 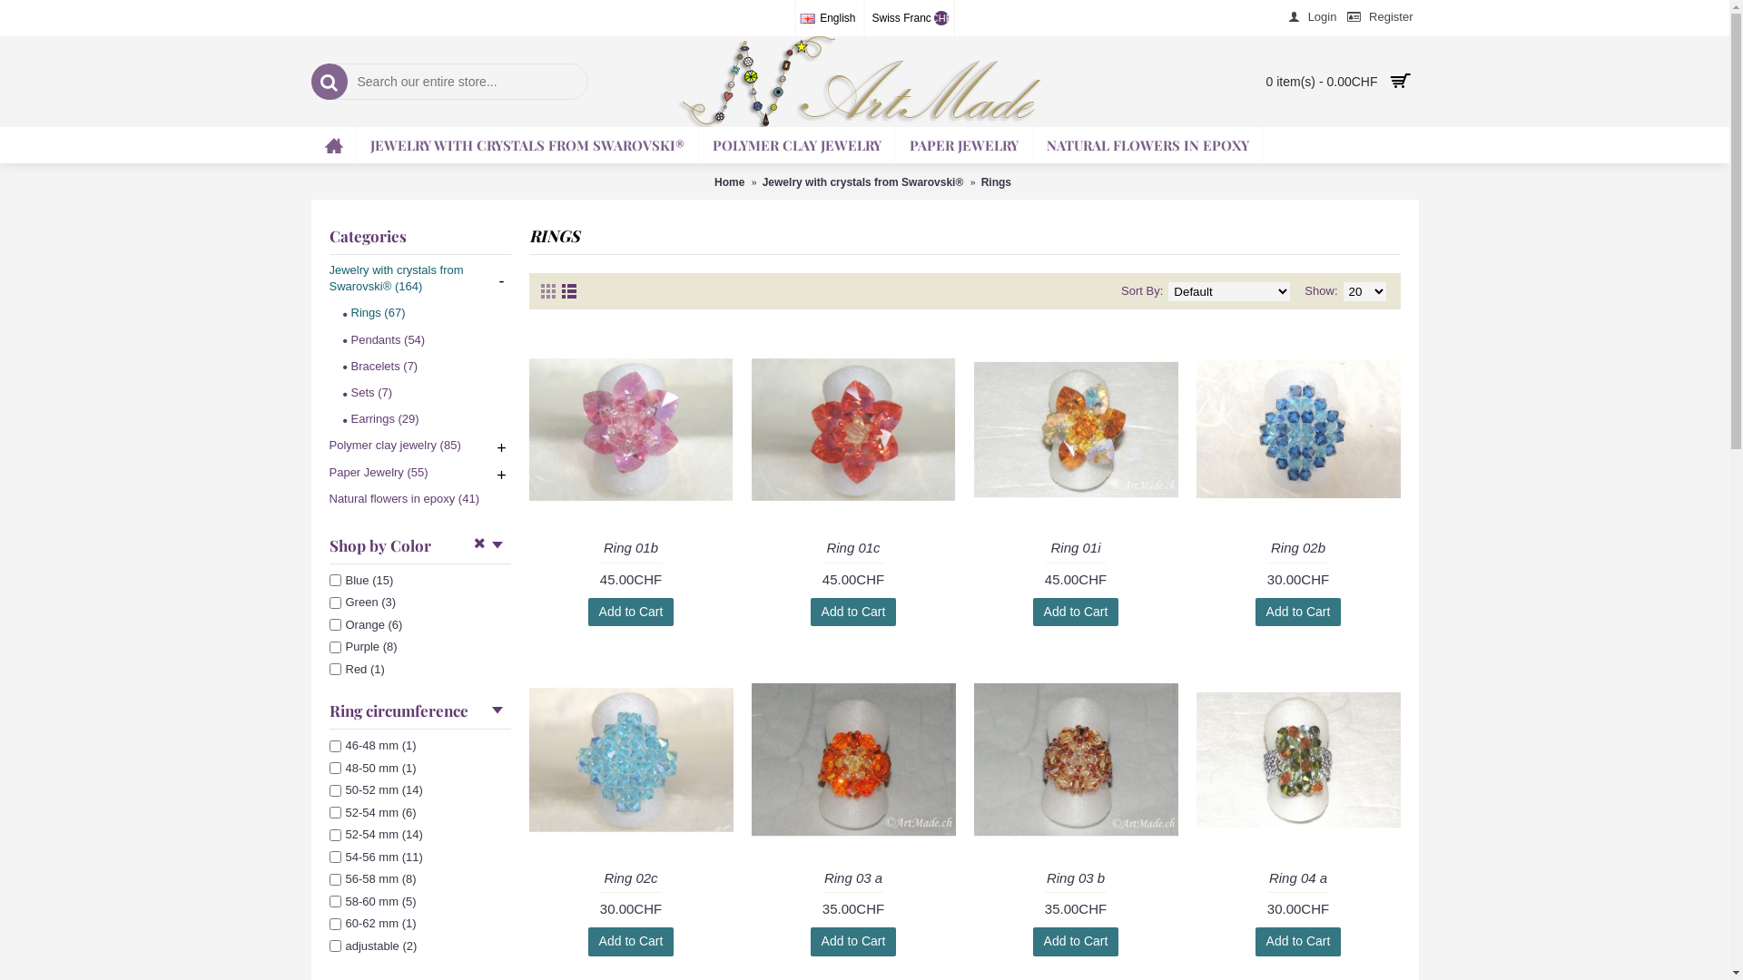 I want to click on 'English', so click(x=828, y=17).